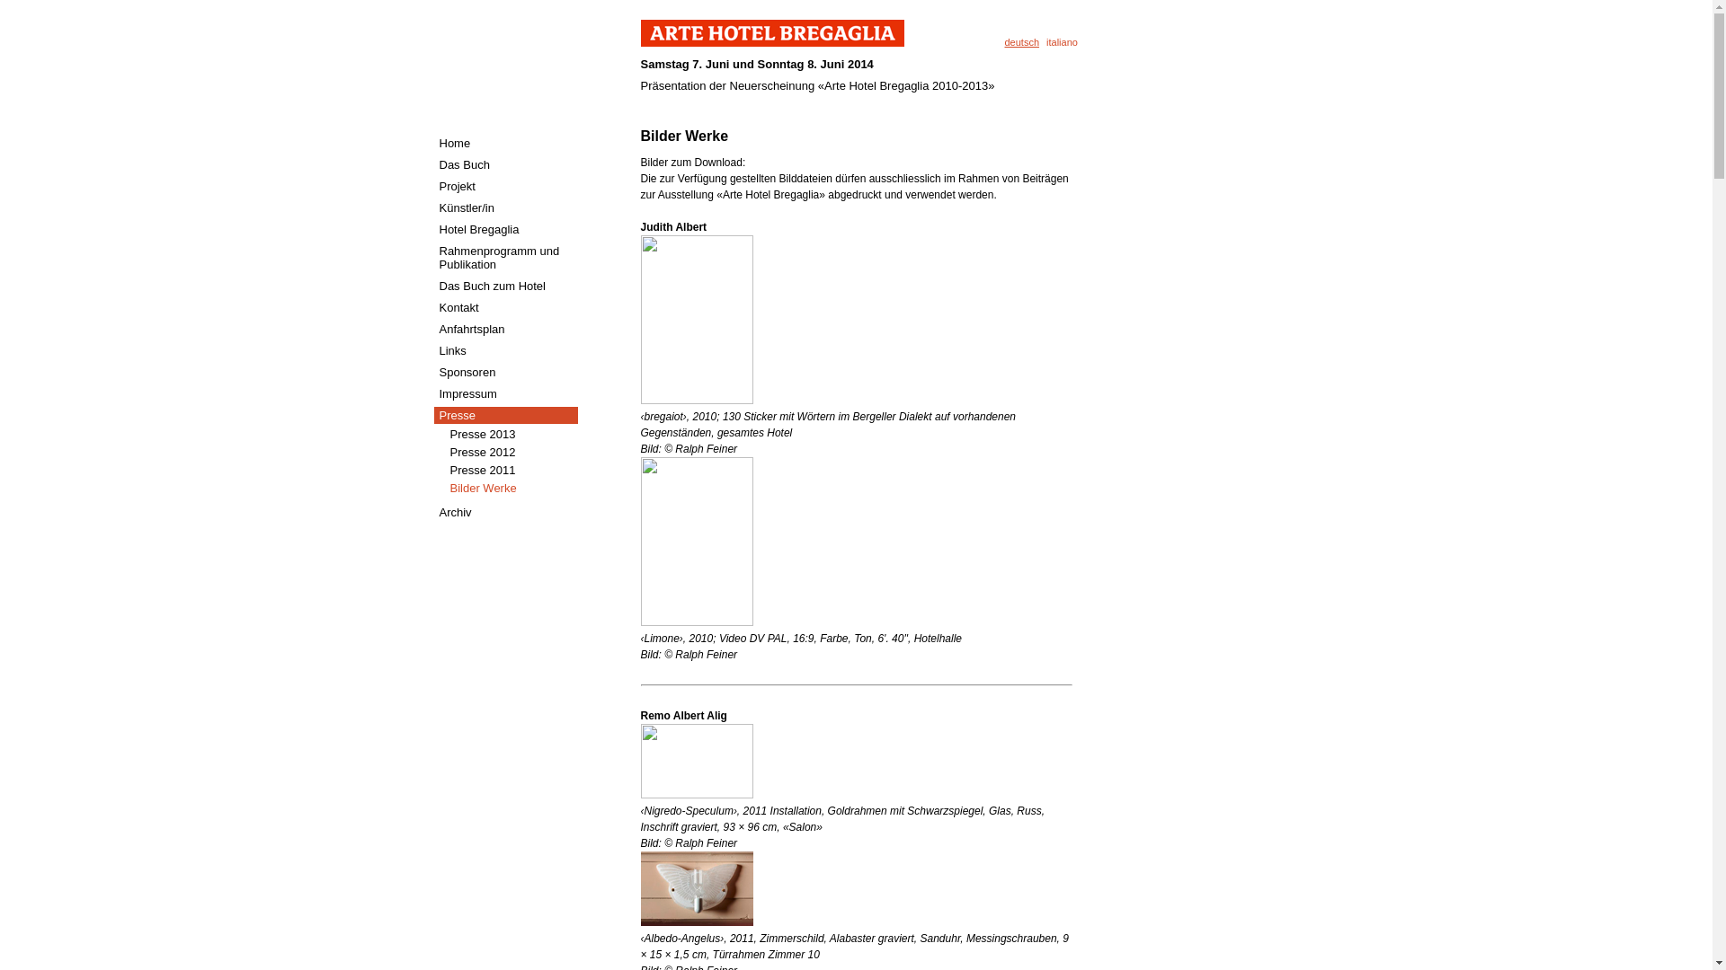 This screenshot has height=970, width=1726. I want to click on 'Kontakt', so click(503, 306).